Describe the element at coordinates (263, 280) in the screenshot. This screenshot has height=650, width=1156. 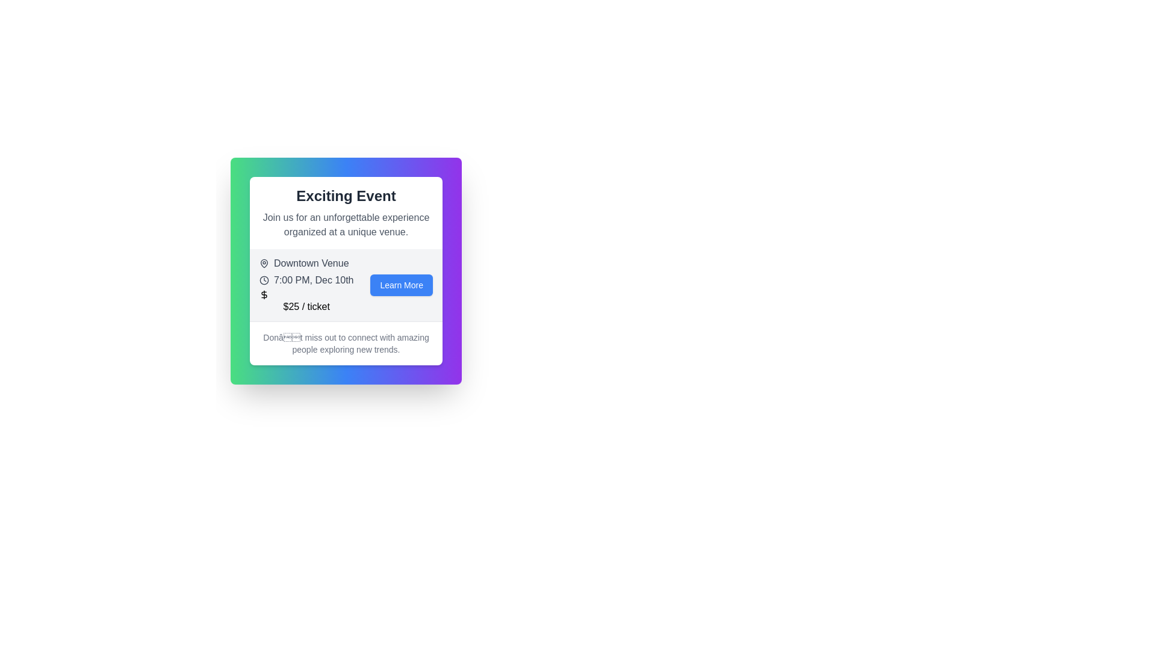
I see `the circular clock icon representing 'time' adjacent to the text description in the event details section titled '7:00 PM, Dec 10th'` at that location.